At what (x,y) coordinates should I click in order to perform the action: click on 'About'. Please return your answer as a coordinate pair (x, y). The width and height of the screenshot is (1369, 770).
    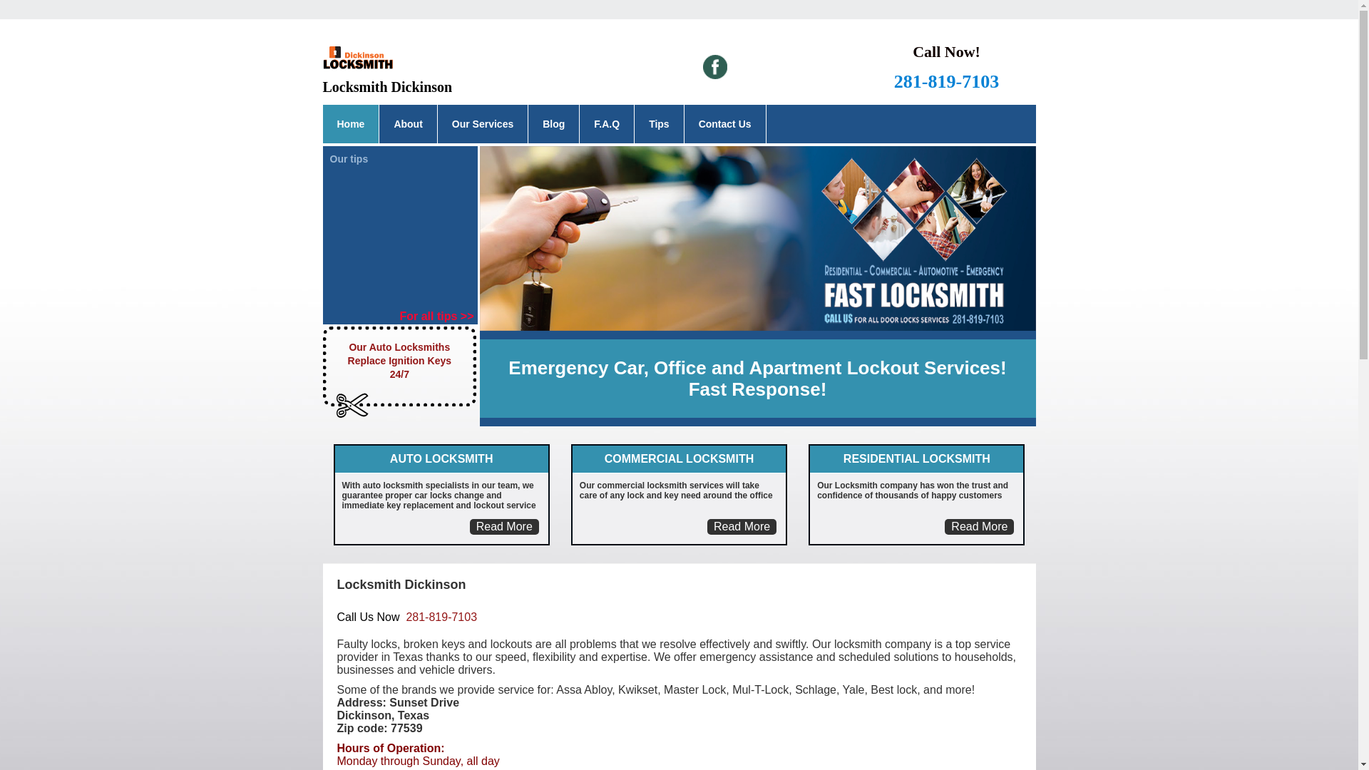
    Looking at the image, I should click on (406, 123).